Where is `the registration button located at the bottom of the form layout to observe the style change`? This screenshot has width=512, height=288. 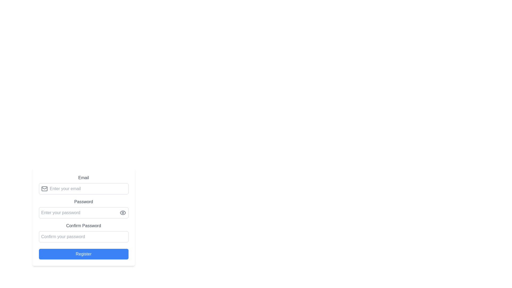
the registration button located at the bottom of the form layout to observe the style change is located at coordinates (83, 254).